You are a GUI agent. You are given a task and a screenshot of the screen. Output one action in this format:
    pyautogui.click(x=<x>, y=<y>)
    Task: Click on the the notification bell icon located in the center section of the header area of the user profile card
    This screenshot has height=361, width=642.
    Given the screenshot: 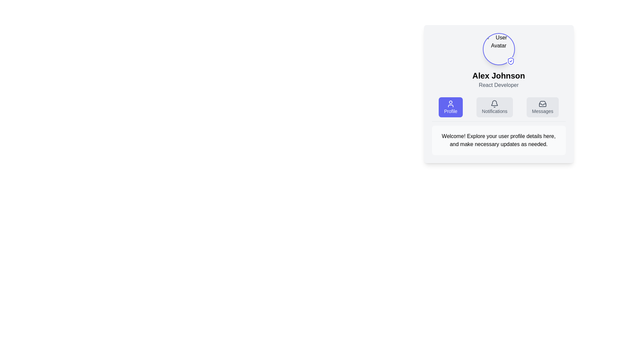 What is the action you would take?
    pyautogui.click(x=495, y=103)
    